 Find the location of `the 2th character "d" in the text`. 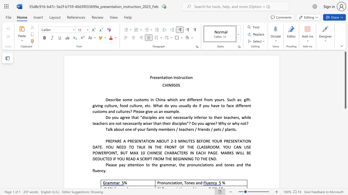

the 2th character "d" in the text is located at coordinates (241, 164).